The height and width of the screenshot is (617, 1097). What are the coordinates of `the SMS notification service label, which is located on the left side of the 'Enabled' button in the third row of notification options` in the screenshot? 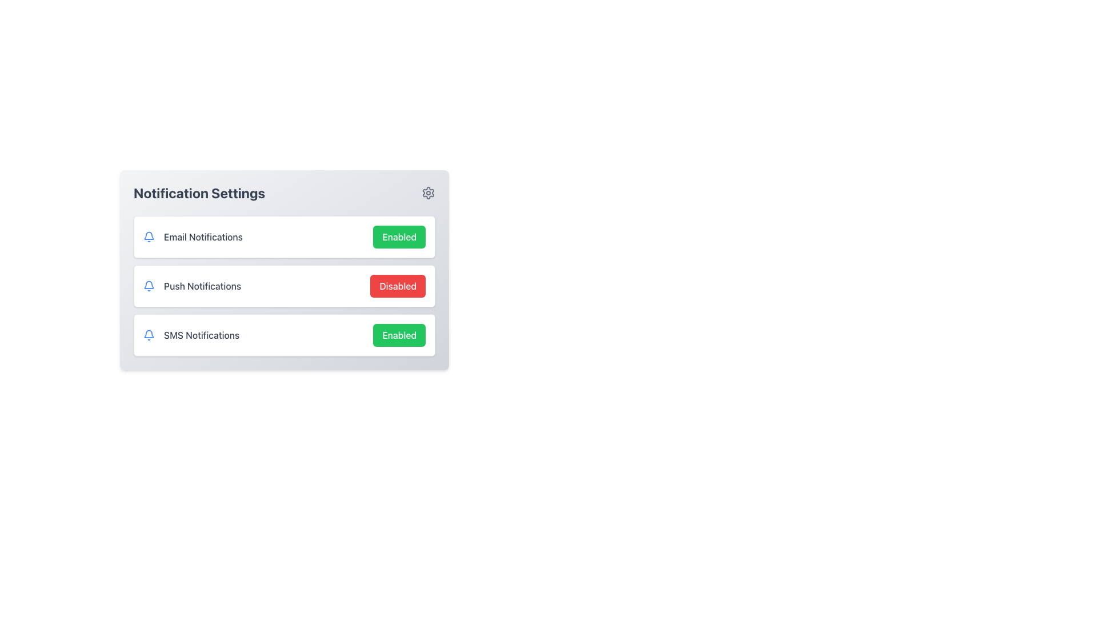 It's located at (191, 334).